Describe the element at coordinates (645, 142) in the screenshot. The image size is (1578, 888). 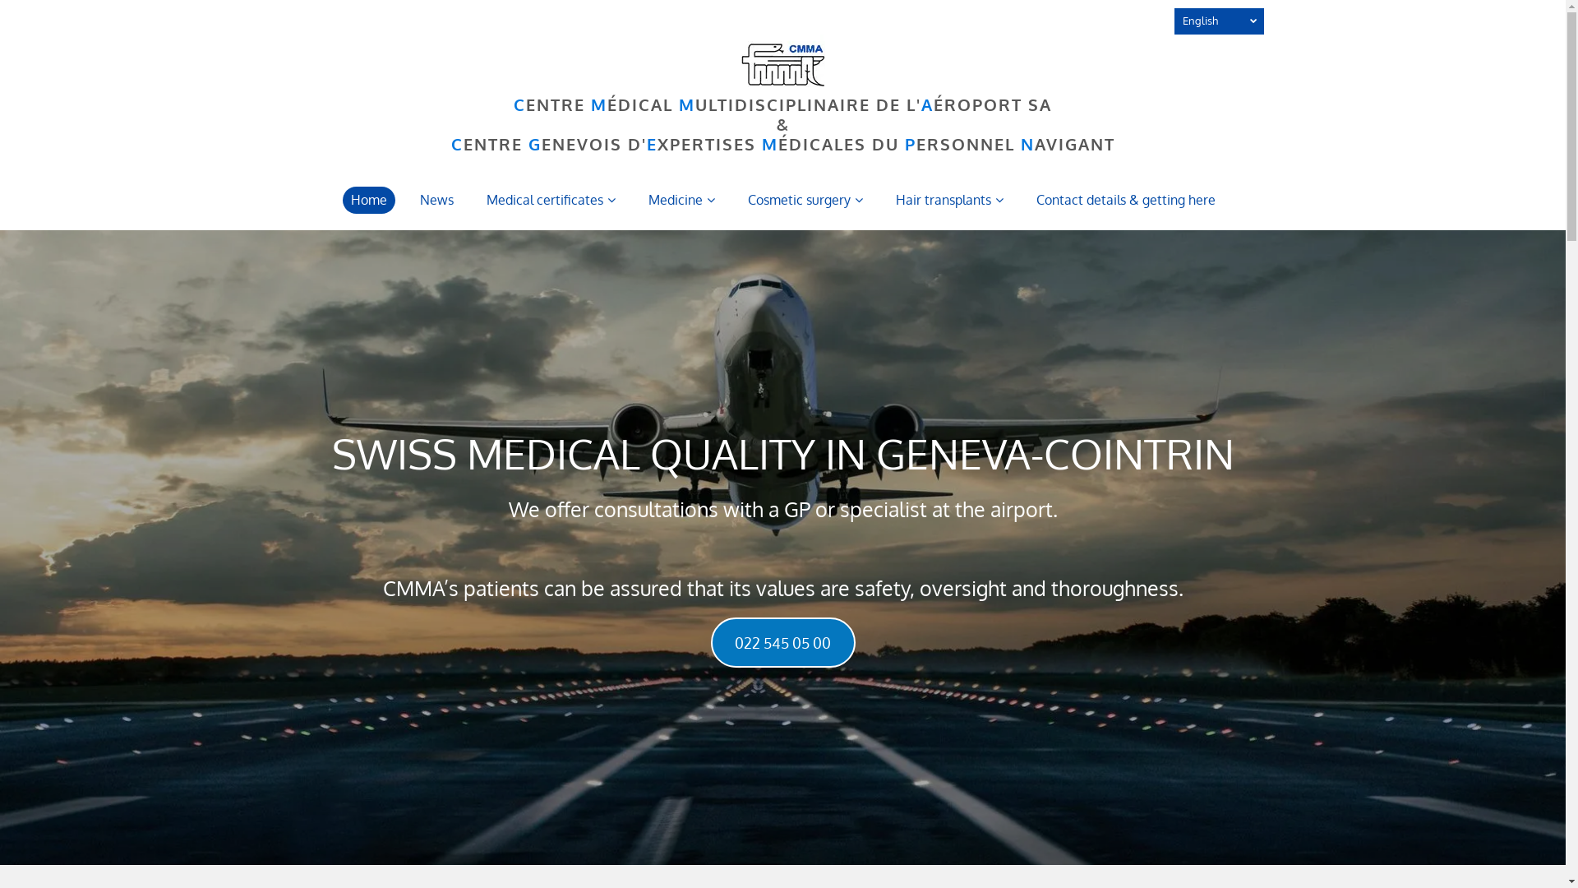
I see `'E'` at that location.